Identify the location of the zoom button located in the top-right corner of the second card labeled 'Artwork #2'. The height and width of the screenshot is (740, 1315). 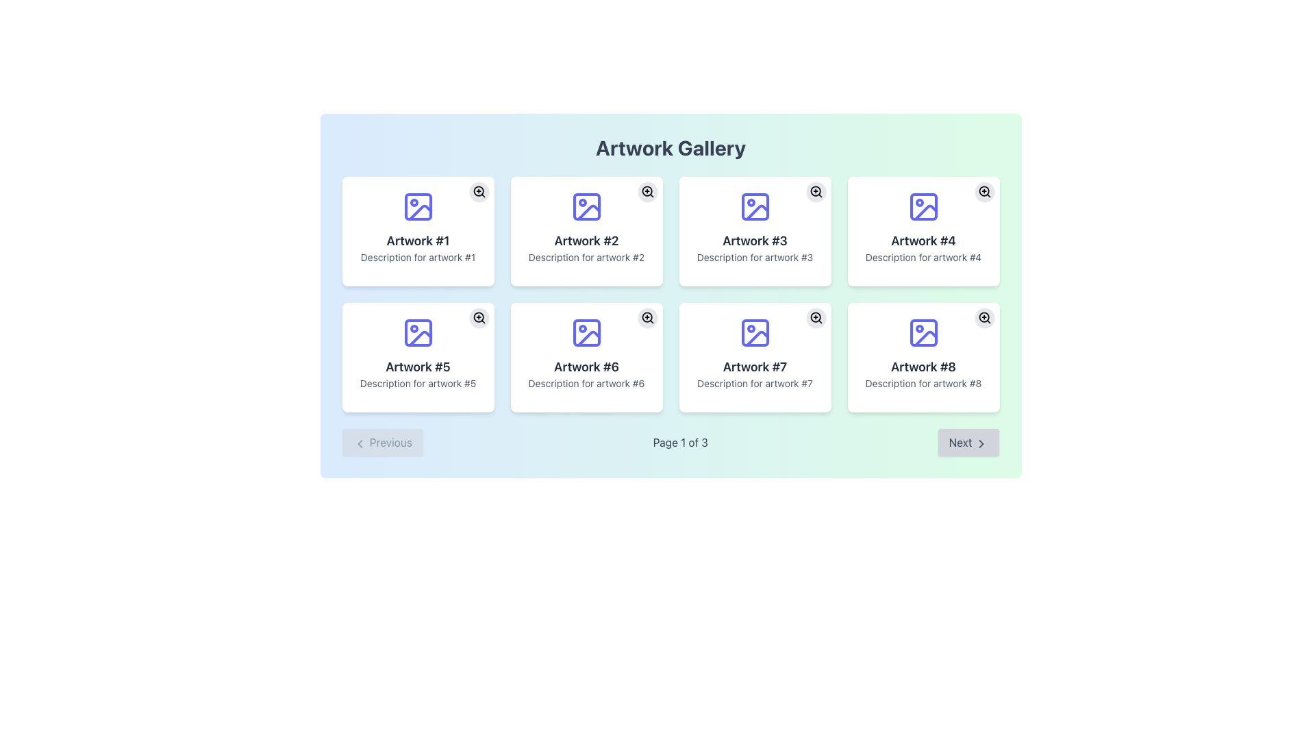
(647, 192).